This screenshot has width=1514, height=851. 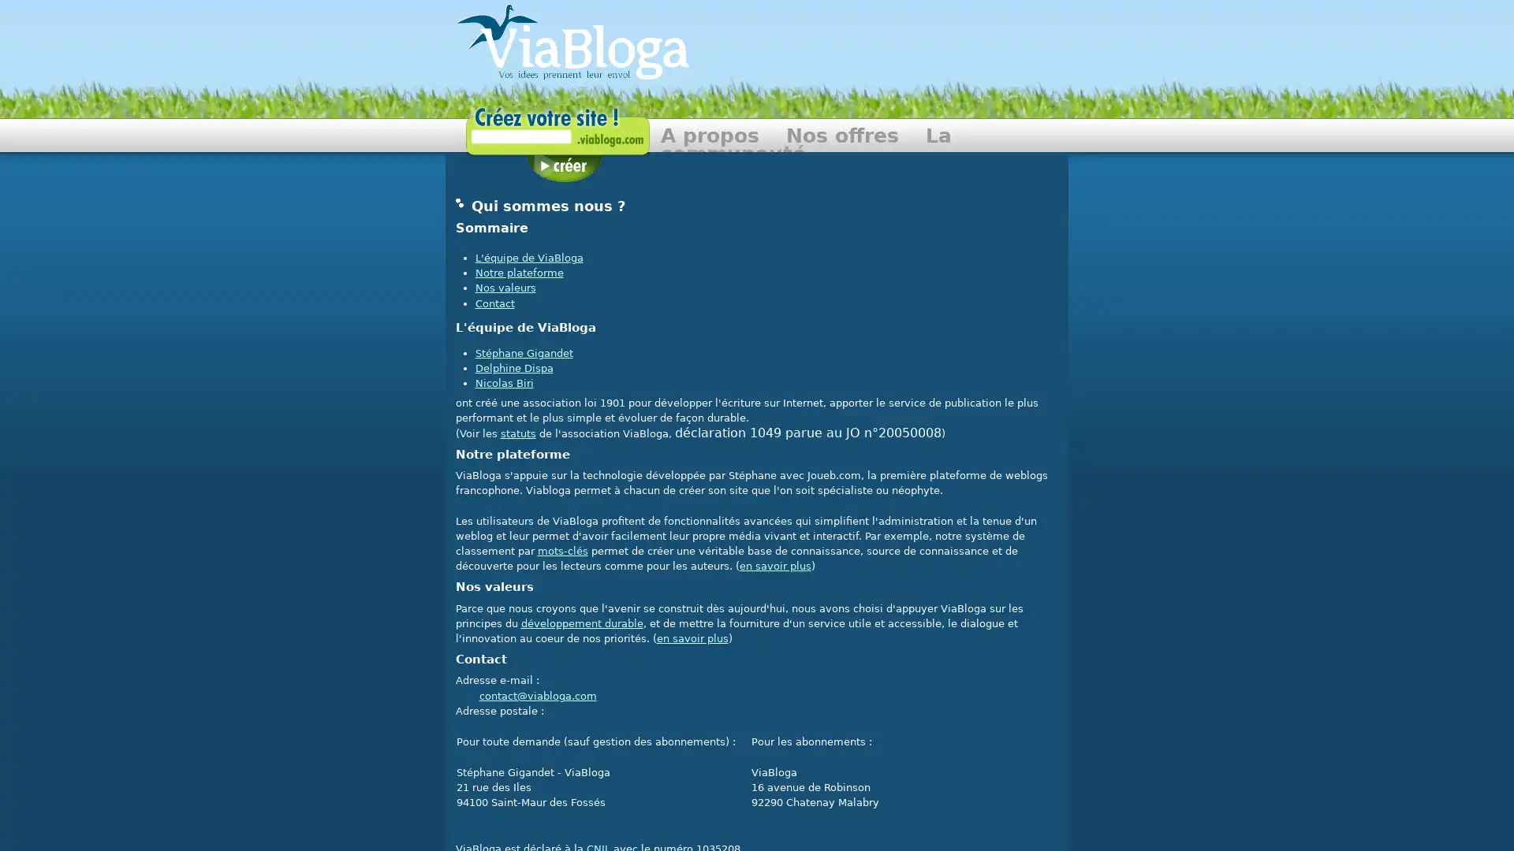 What do you see at coordinates (564, 168) in the screenshot?
I see `Creer` at bounding box center [564, 168].